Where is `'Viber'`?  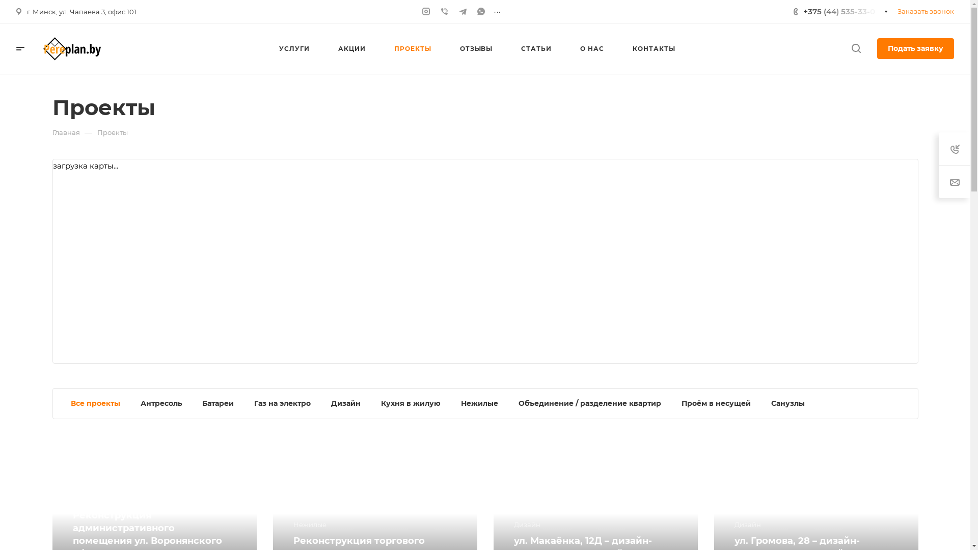 'Viber' is located at coordinates (440, 11).